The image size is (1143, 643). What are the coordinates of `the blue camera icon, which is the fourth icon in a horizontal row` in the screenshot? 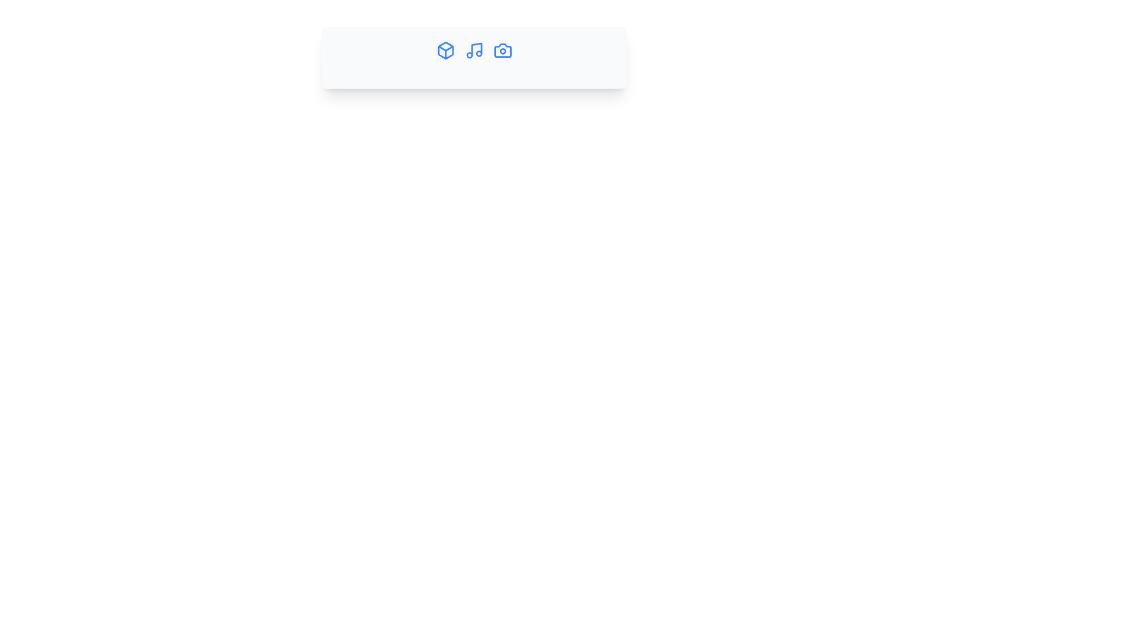 It's located at (502, 49).